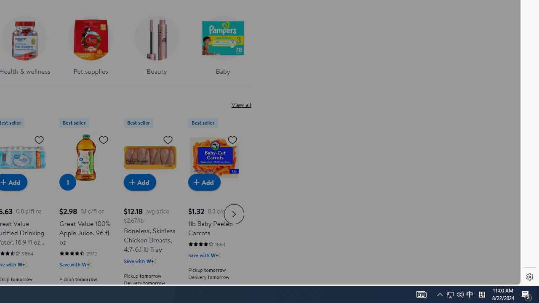 The width and height of the screenshot is (539, 303). I want to click on 'View all', so click(240, 104).